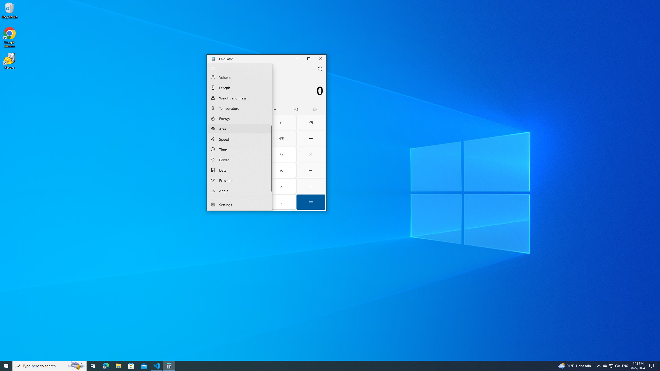 The height and width of the screenshot is (371, 660). What do you see at coordinates (131, 365) in the screenshot?
I see `'Microsoft Store'` at bounding box center [131, 365].